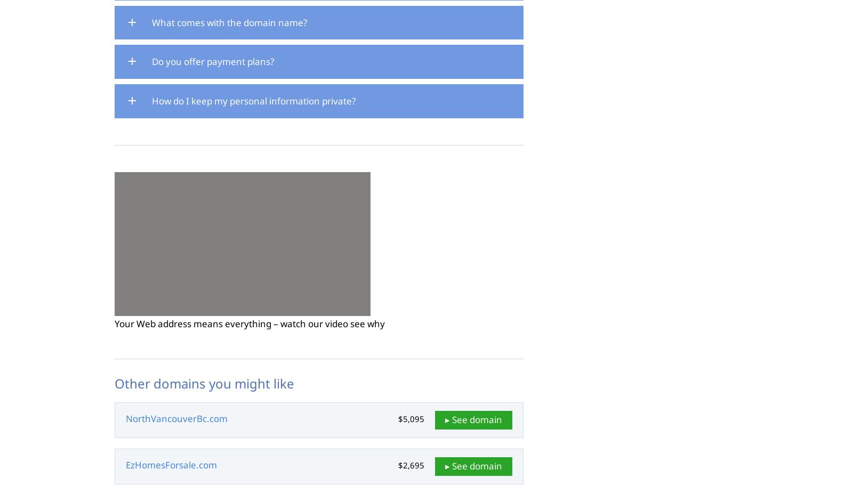 This screenshot has height=486, width=853. What do you see at coordinates (229, 21) in the screenshot?
I see `'What comes with the domain name?'` at bounding box center [229, 21].